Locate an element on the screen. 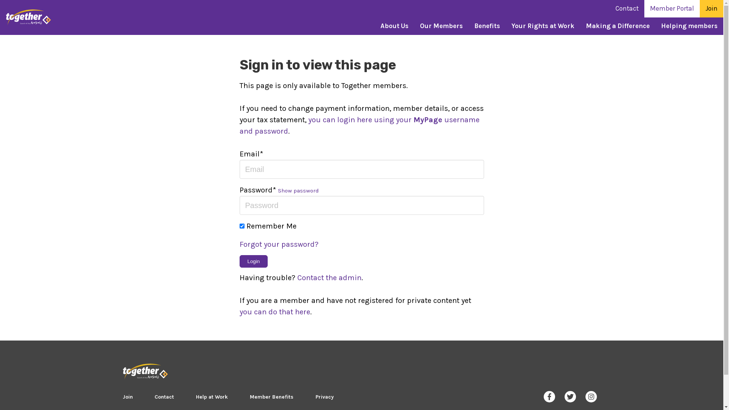 Image resolution: width=729 pixels, height=410 pixels. 'Join' is located at coordinates (127, 396).